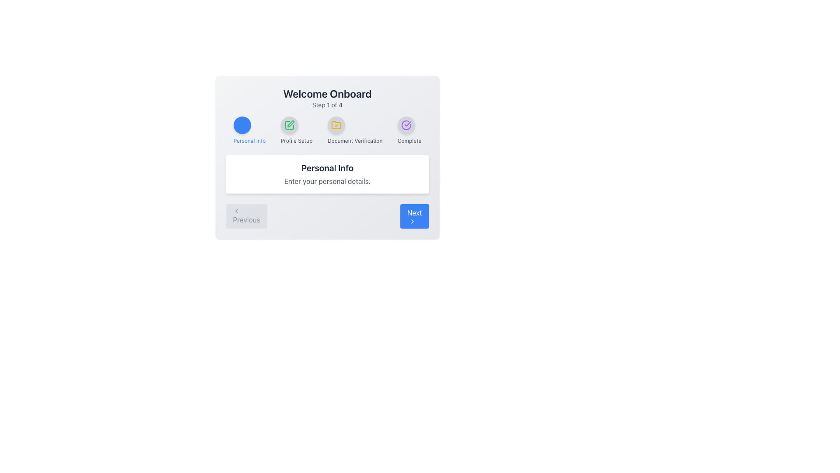 Image resolution: width=840 pixels, height=473 pixels. What do you see at coordinates (406, 125) in the screenshot?
I see `the purple checkmark icon enclosed within a circle, which is the fourth in a horizontal sequence of status indicators representing process completion` at bounding box center [406, 125].